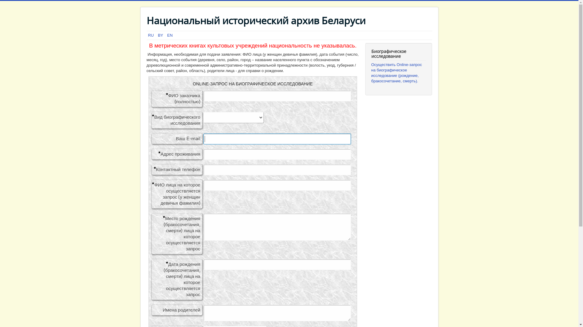 The height and width of the screenshot is (327, 583). What do you see at coordinates (148, 35) in the screenshot?
I see `'RU'` at bounding box center [148, 35].